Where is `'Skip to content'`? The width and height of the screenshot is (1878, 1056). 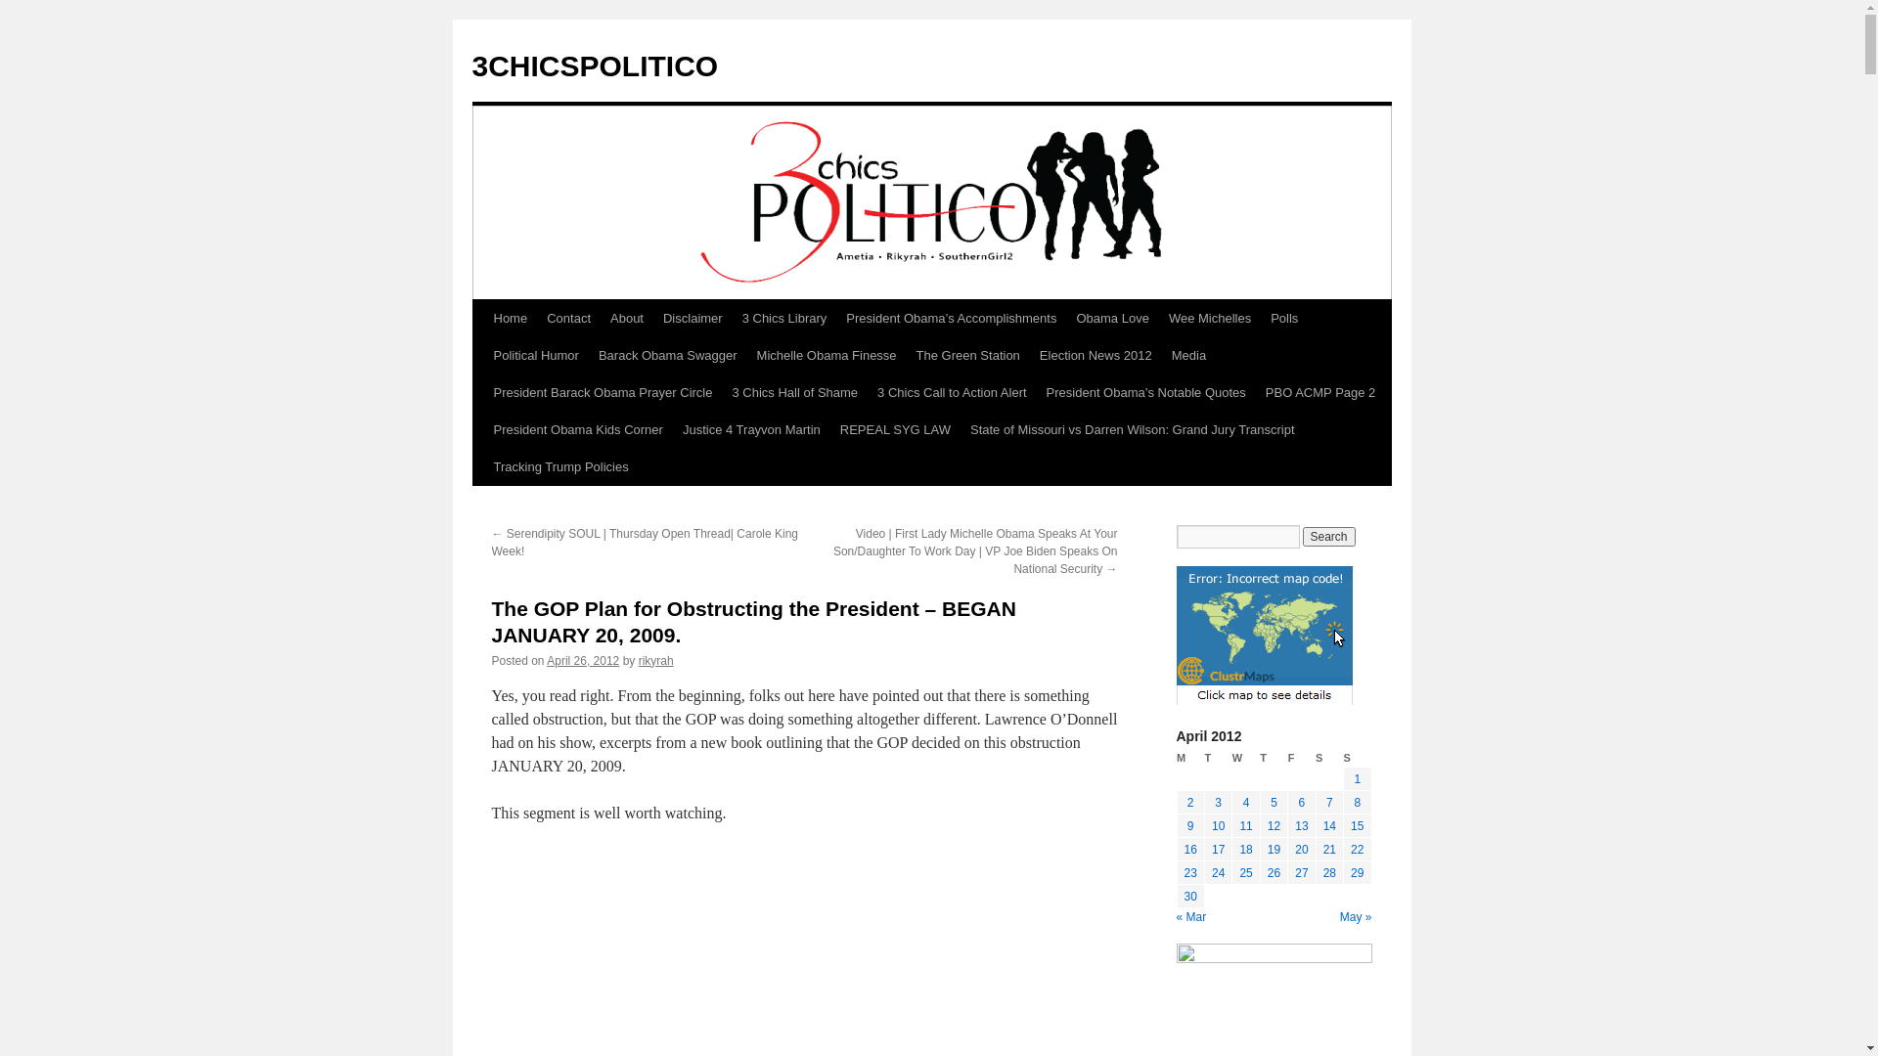
'Skip to content' is located at coordinates (480, 354).